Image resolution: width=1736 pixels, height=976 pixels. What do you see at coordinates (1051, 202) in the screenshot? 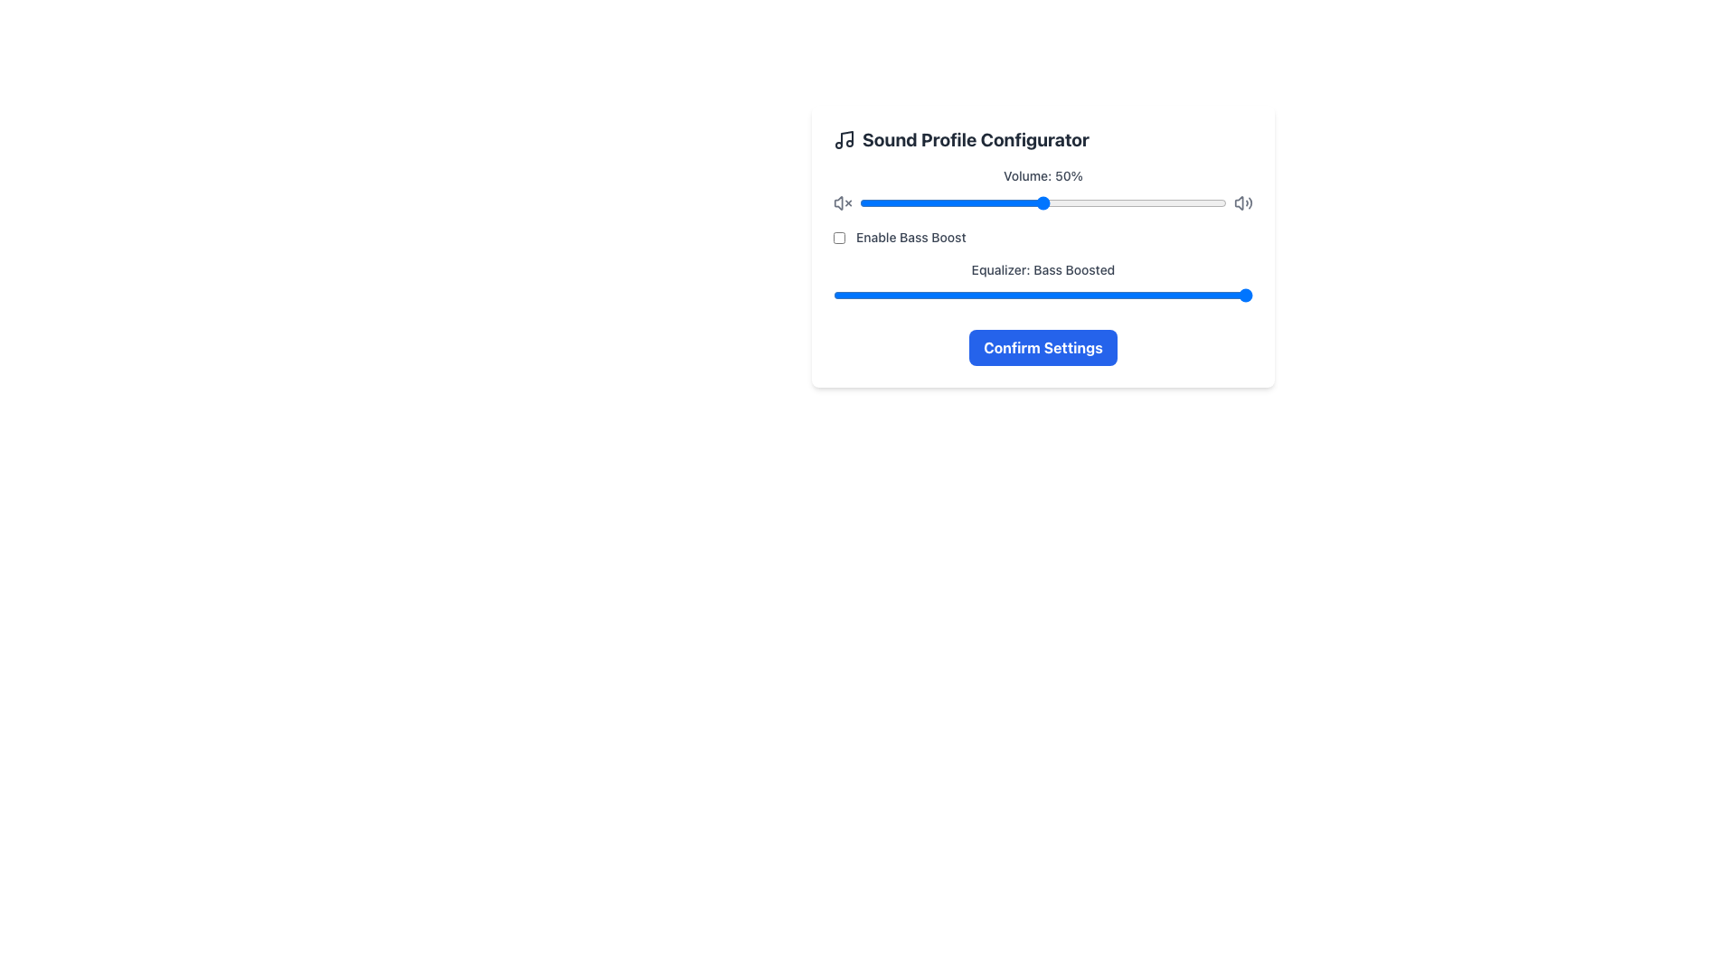
I see `volume` at bounding box center [1051, 202].